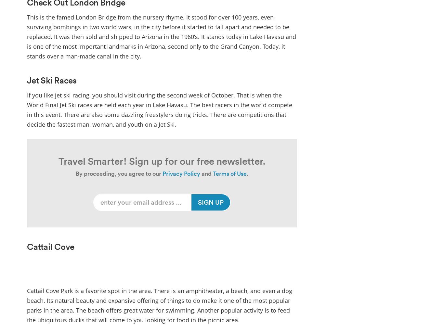  I want to click on 'and', so click(206, 173).